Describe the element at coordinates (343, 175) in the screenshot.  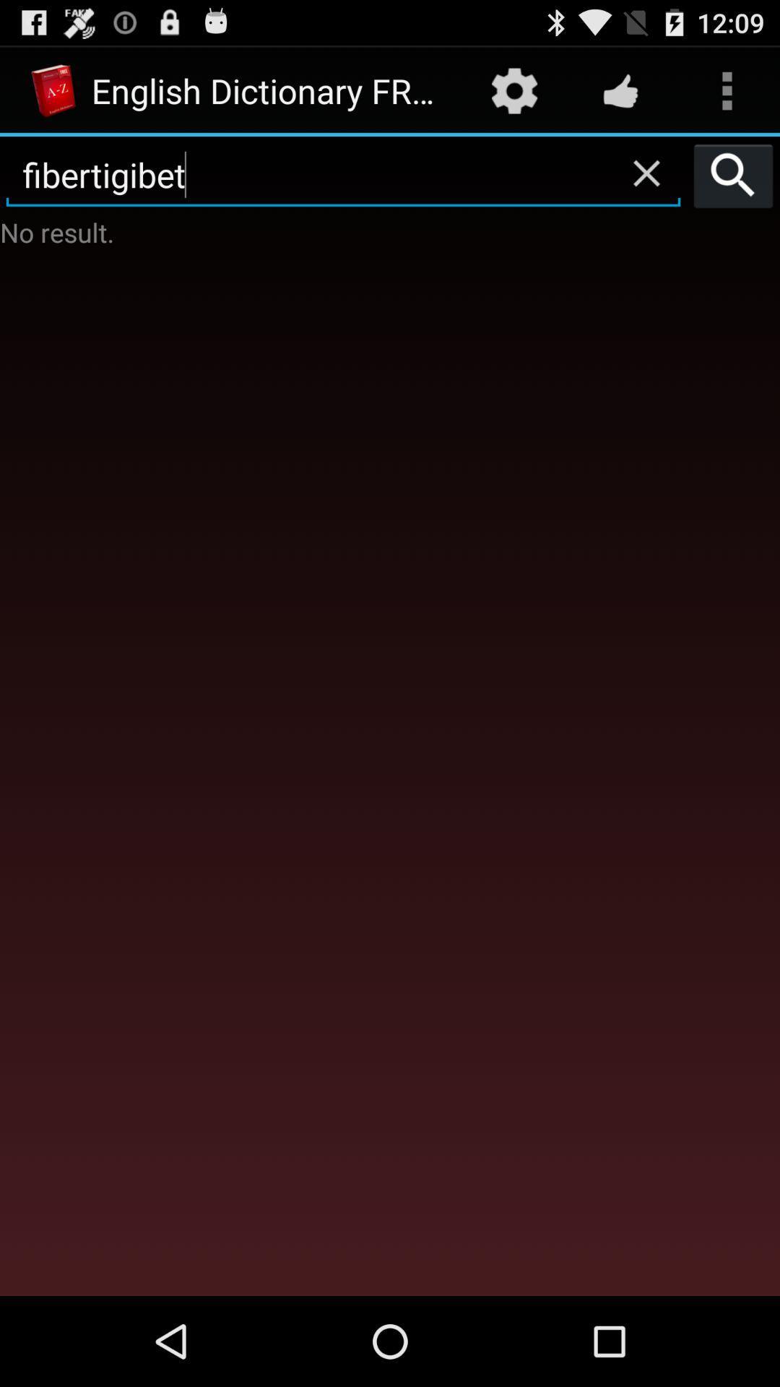
I see `fibertigibet item` at that location.